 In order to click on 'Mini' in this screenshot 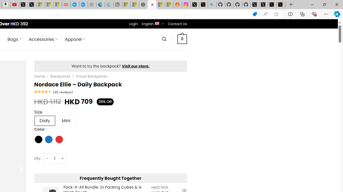, I will do `click(66, 121)`.